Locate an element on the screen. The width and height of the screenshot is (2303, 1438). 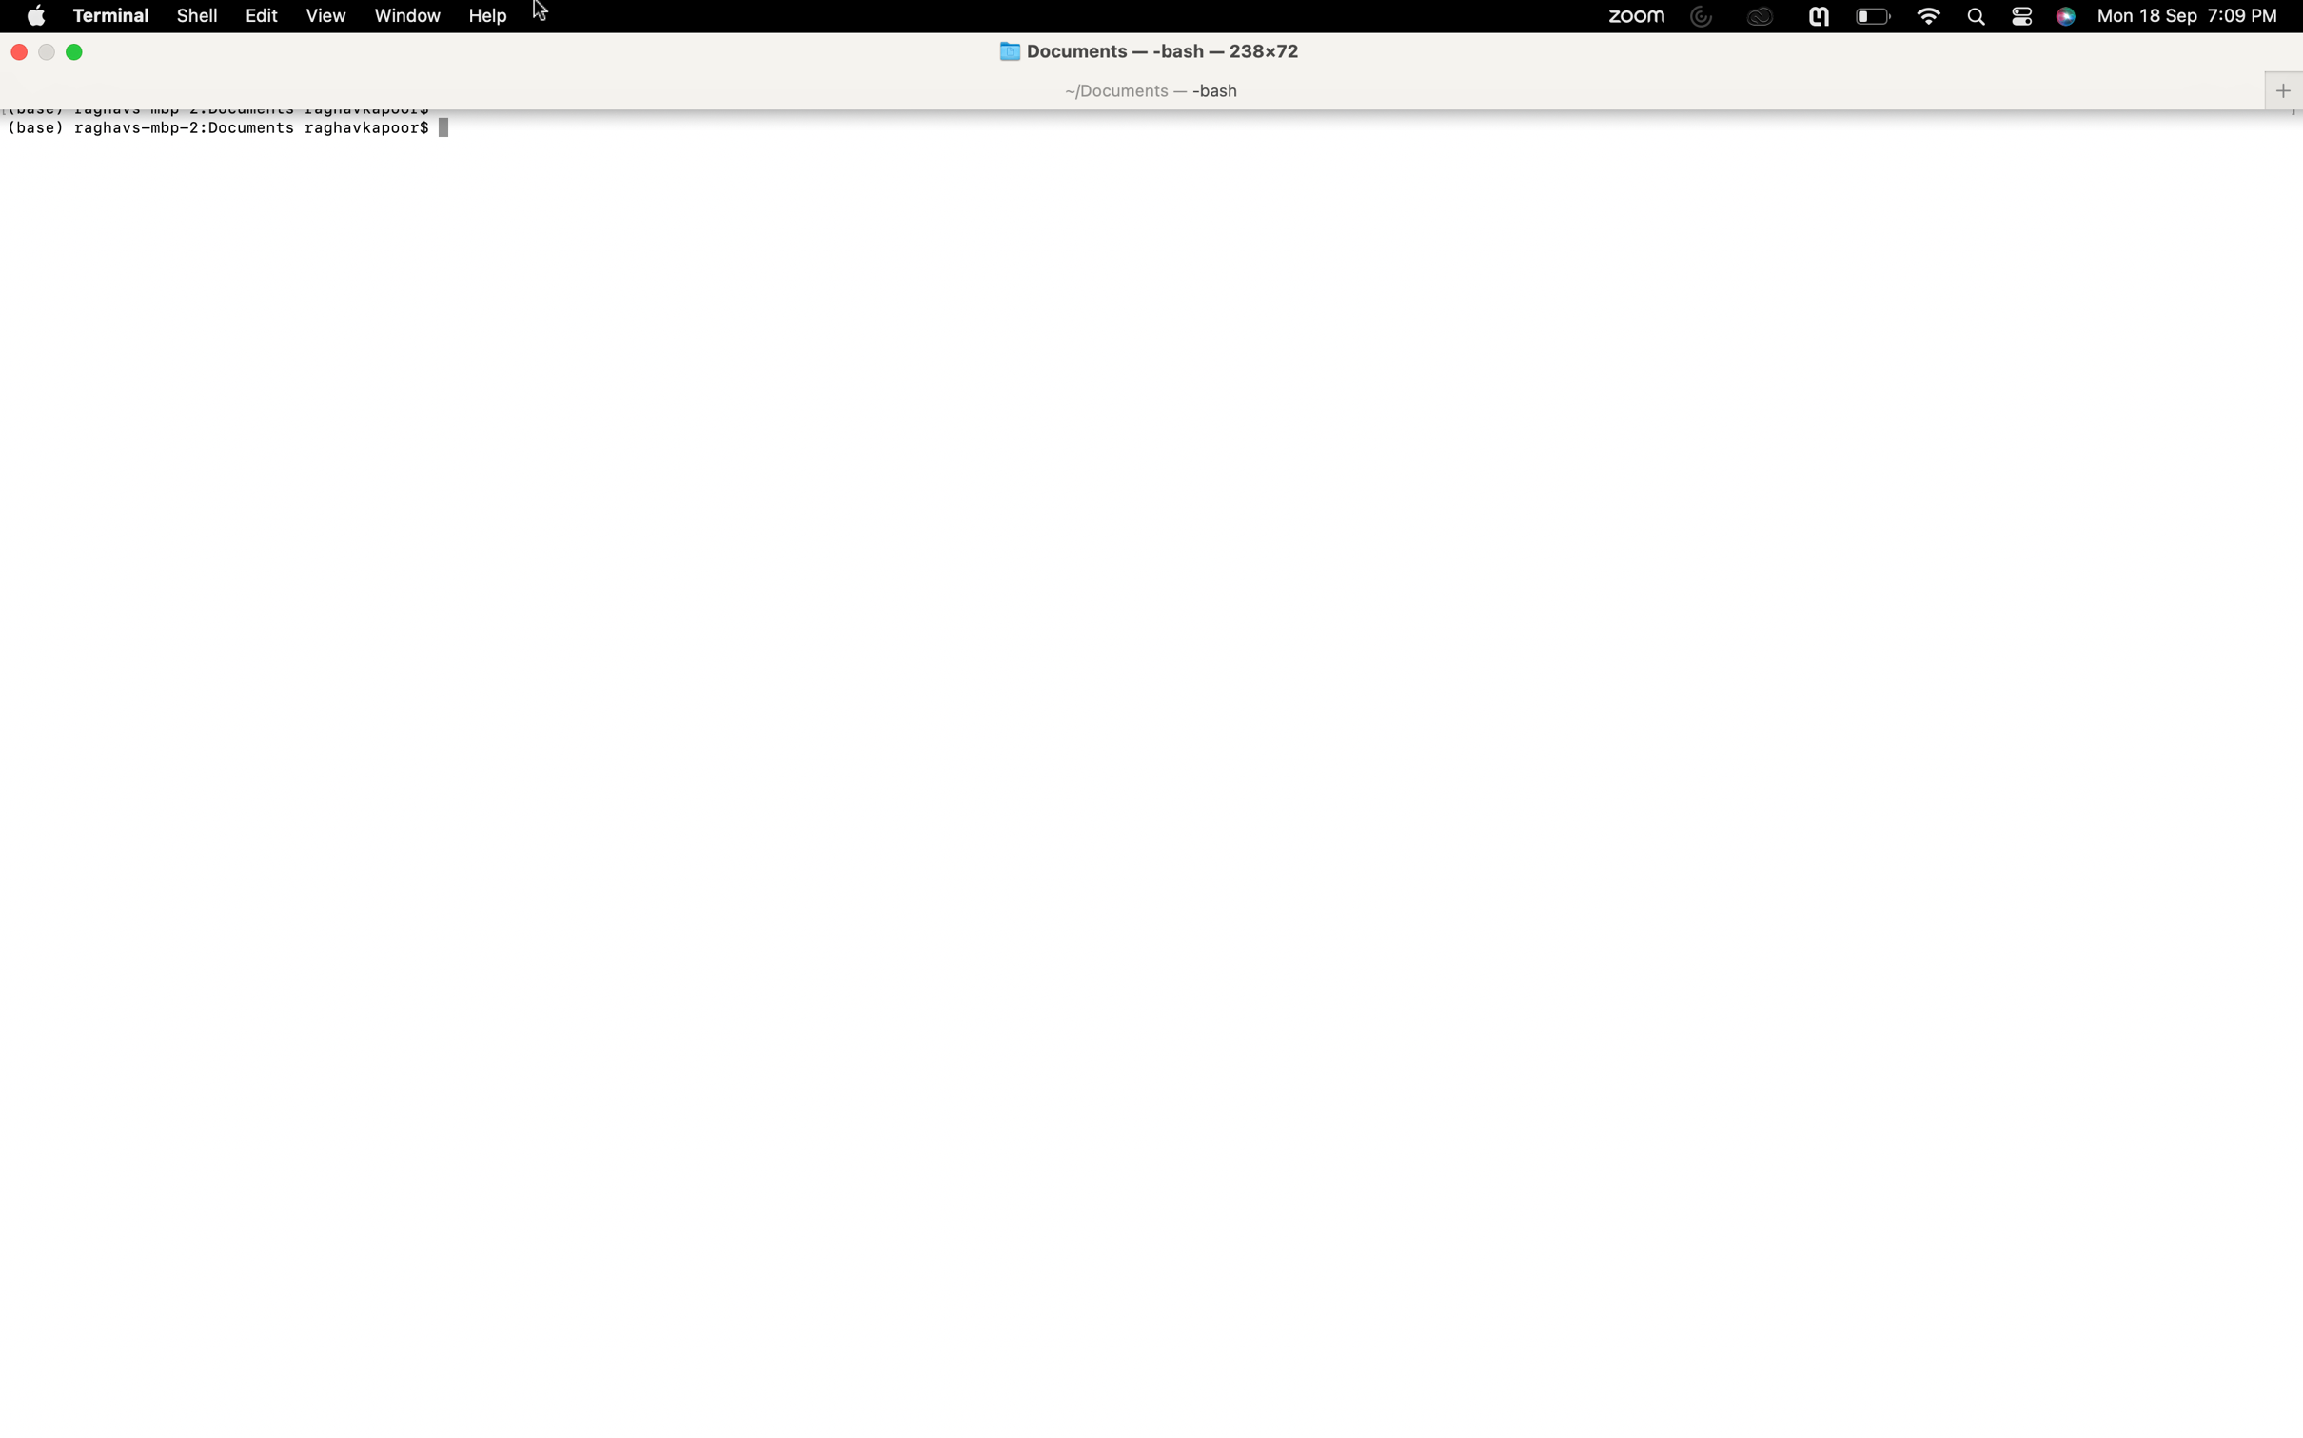
Enable split pane option under view settings to split your screen is located at coordinates (325, 15).